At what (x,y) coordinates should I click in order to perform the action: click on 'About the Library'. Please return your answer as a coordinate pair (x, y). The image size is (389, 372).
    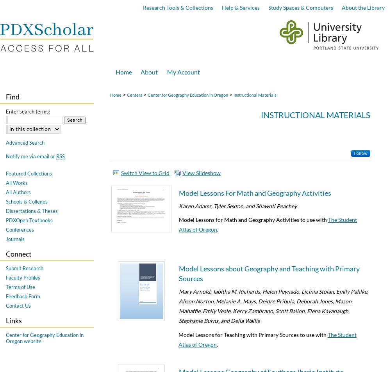
    Looking at the image, I should click on (362, 7).